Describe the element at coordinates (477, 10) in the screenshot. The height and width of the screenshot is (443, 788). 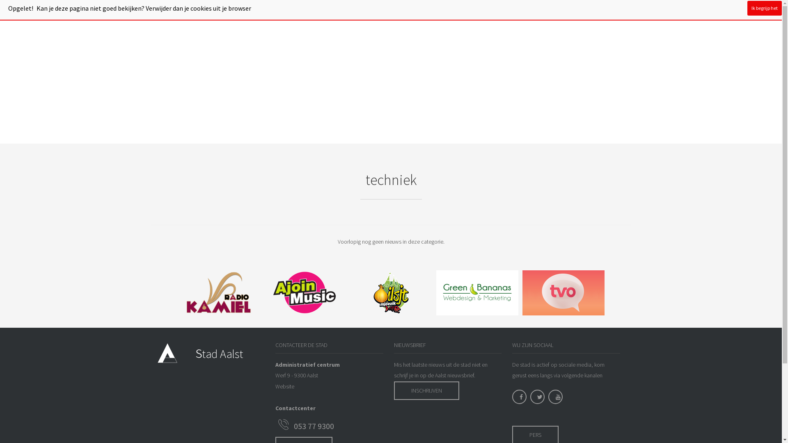
I see `'MEDIA'` at that location.